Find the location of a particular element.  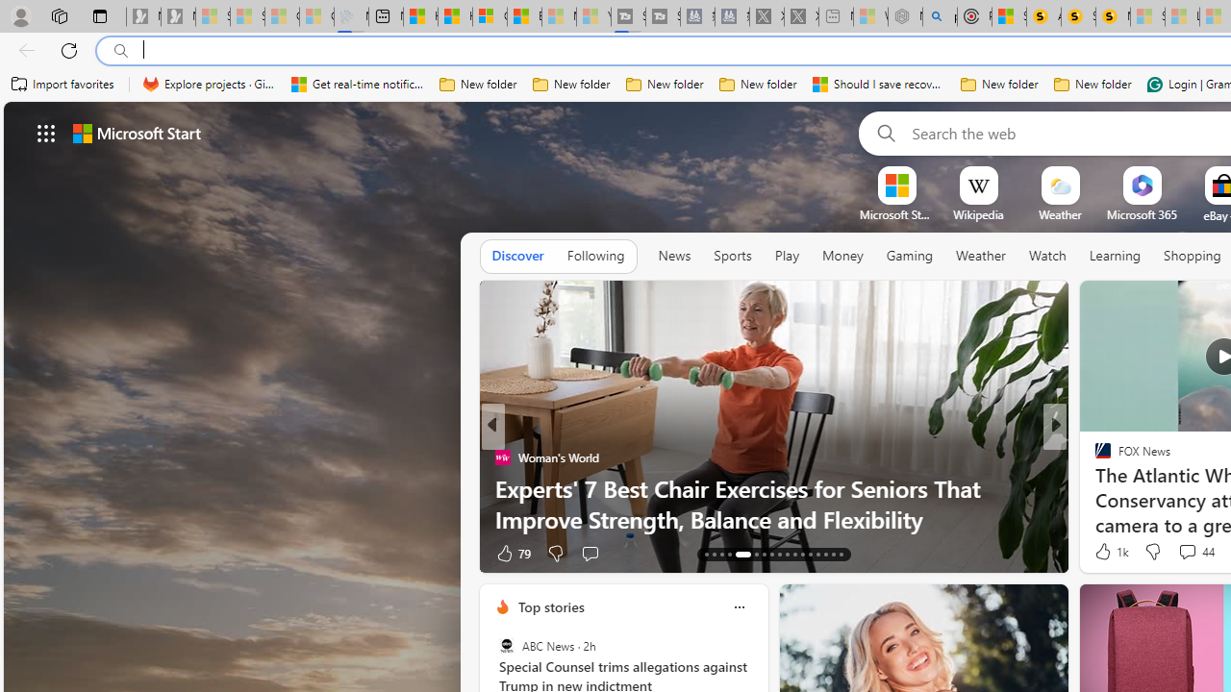

'View comments 1 Comment' is located at coordinates (1187, 553).